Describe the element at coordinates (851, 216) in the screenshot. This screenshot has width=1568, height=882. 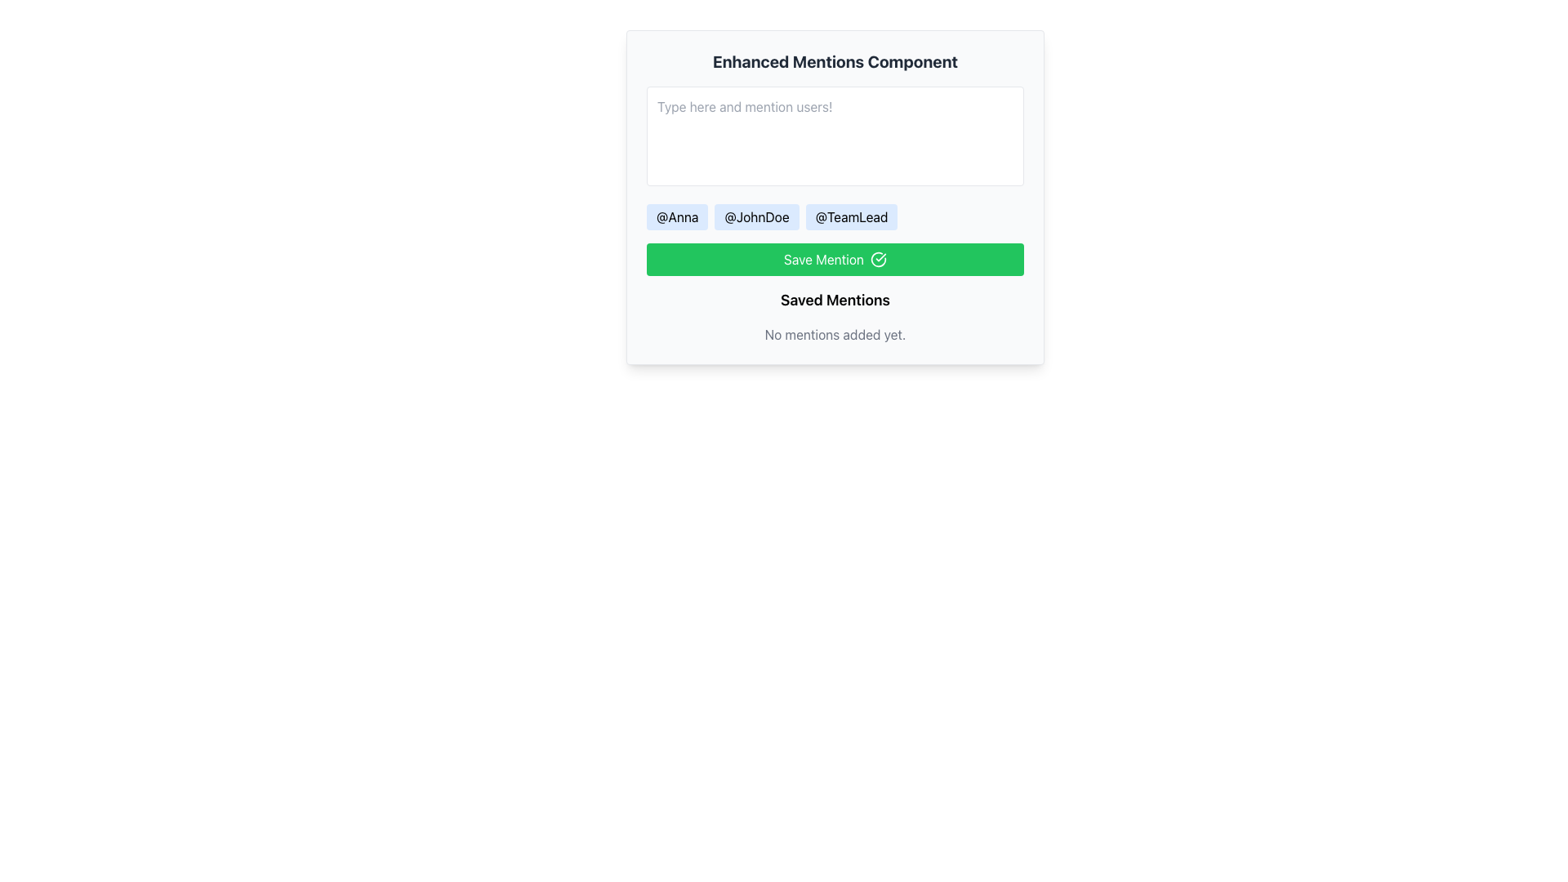
I see `the clickable tag for 'TeamLead' using keyboard navigation` at that location.